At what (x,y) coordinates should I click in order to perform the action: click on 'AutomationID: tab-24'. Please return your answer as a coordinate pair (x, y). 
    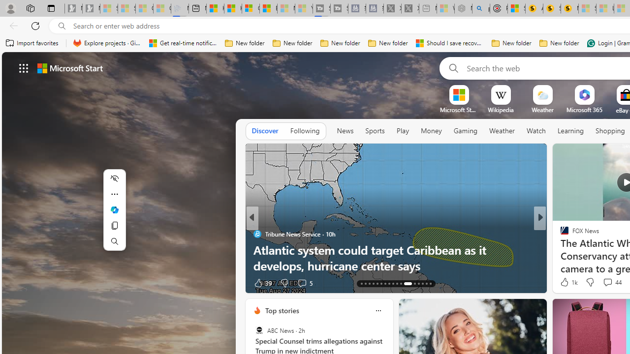
    Looking at the image, I should click on (405, 284).